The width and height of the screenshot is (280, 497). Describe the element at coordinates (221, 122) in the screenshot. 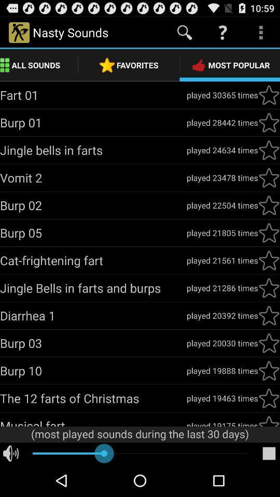

I see `played 28442 times` at that location.